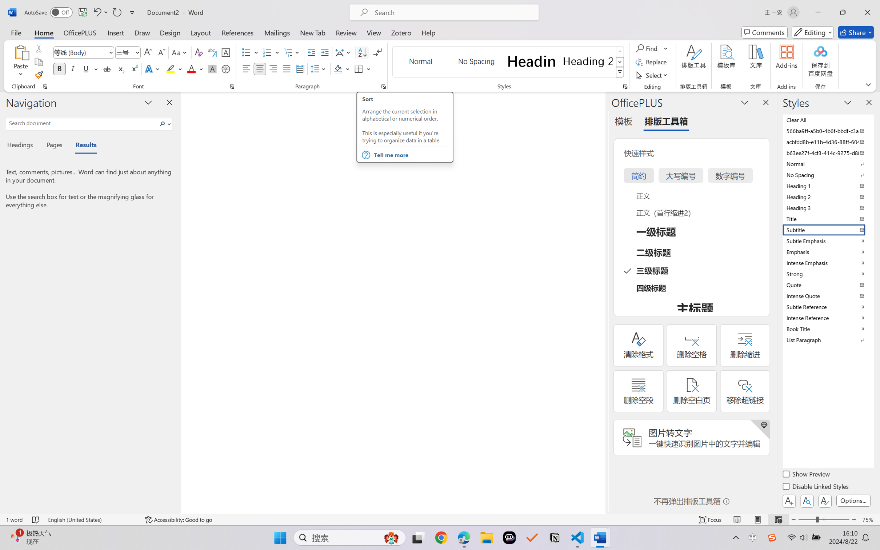  I want to click on 'Read Mode', so click(737, 519).